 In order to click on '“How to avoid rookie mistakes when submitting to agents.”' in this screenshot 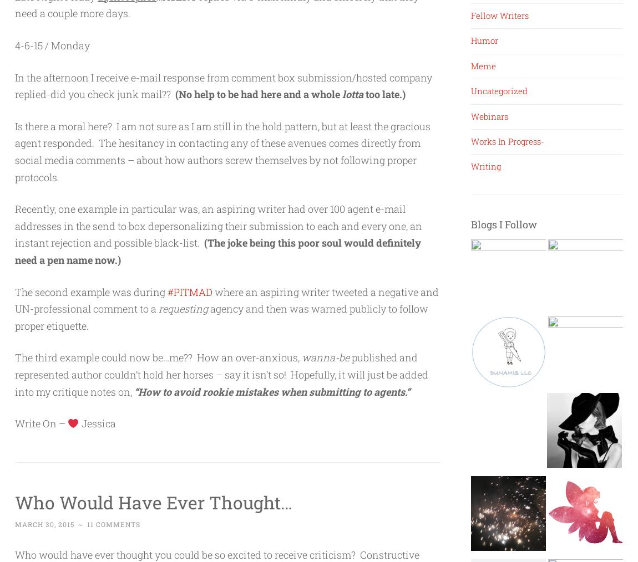, I will do `click(133, 391)`.